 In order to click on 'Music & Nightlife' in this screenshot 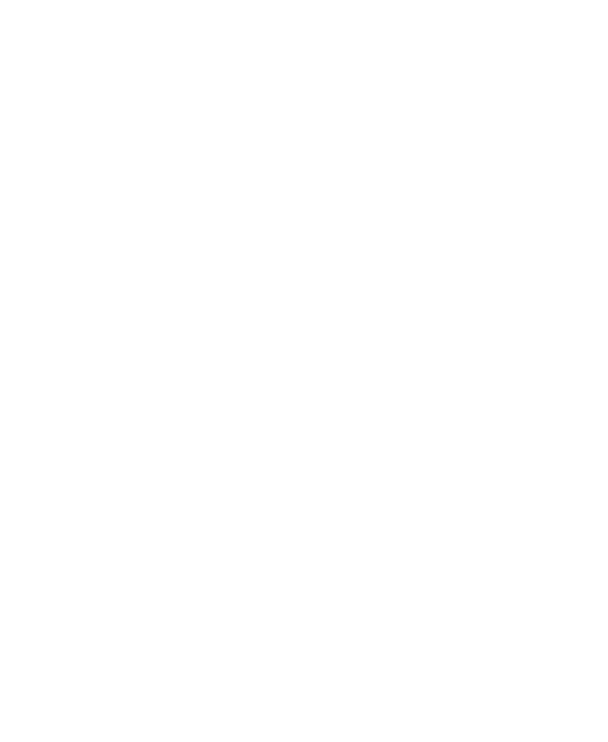, I will do `click(103, 247)`.